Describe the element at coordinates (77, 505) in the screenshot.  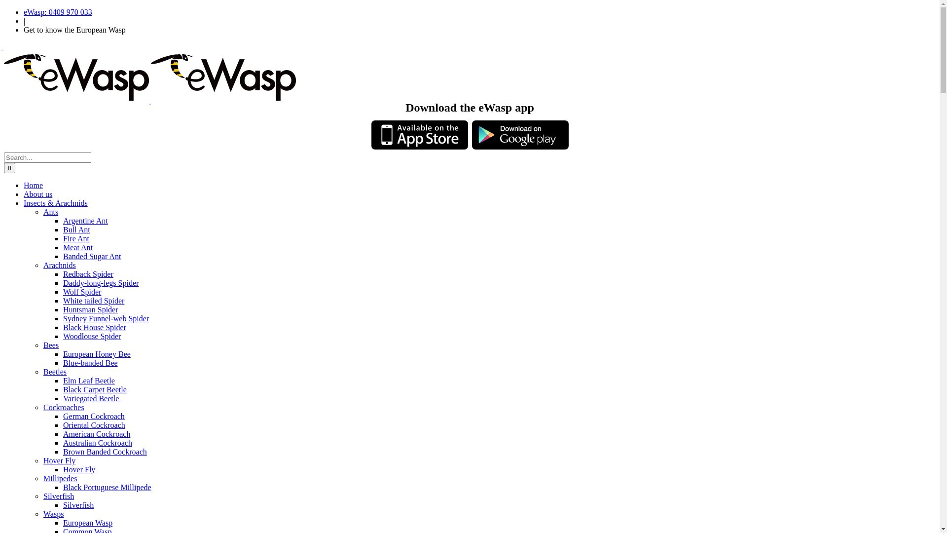
I see `'Silverfish'` at that location.